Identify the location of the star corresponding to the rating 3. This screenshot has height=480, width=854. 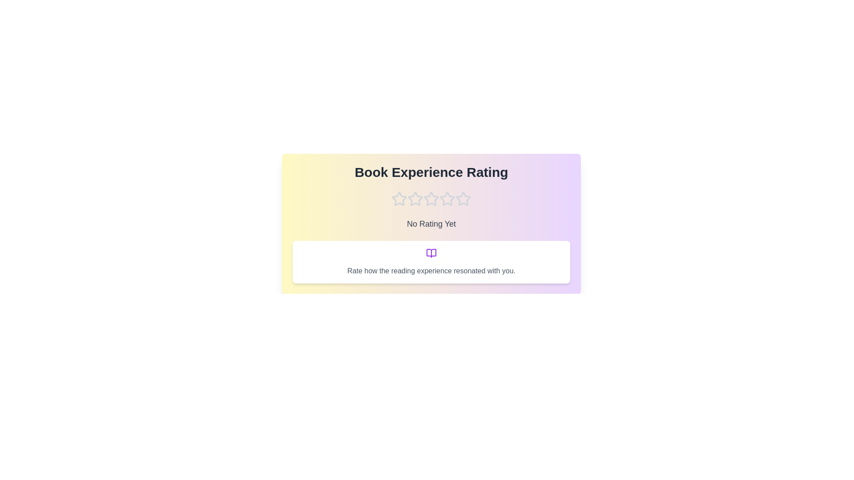
(431, 198).